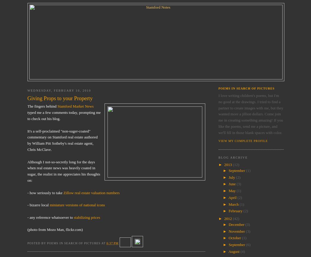 This screenshot has width=311, height=257. What do you see at coordinates (235, 218) in the screenshot?
I see `'(42)'` at bounding box center [235, 218].